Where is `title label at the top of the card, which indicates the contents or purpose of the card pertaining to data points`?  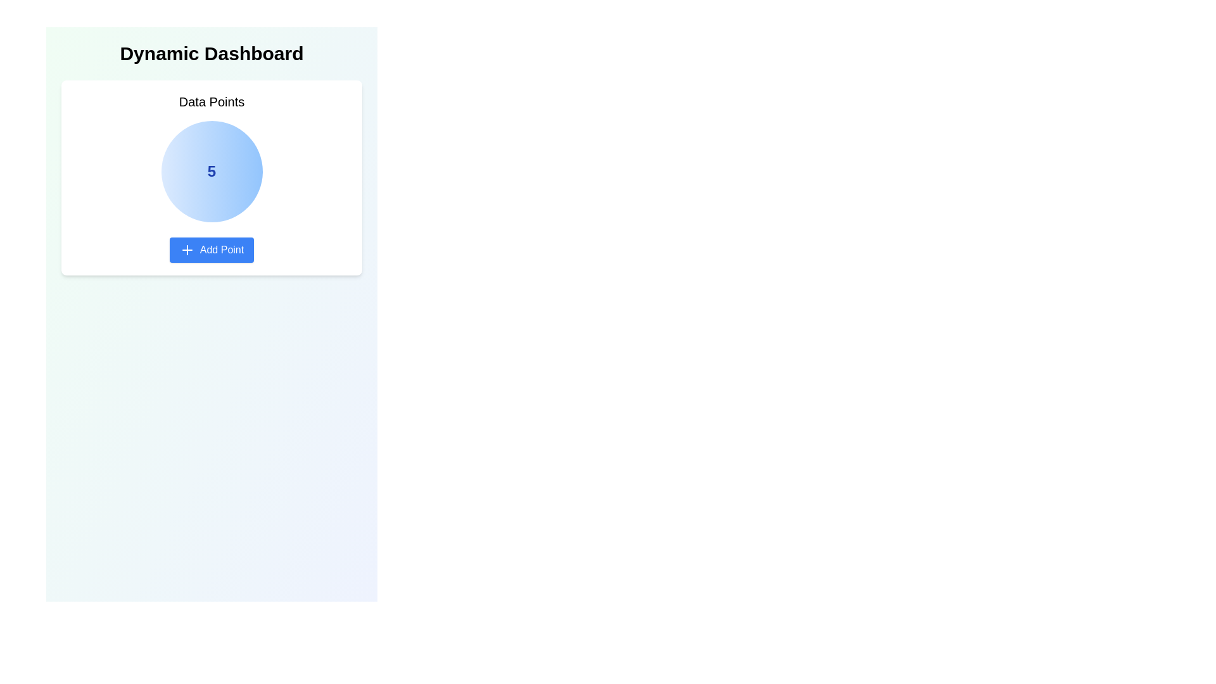 title label at the top of the card, which indicates the contents or purpose of the card pertaining to data points is located at coordinates (212, 101).